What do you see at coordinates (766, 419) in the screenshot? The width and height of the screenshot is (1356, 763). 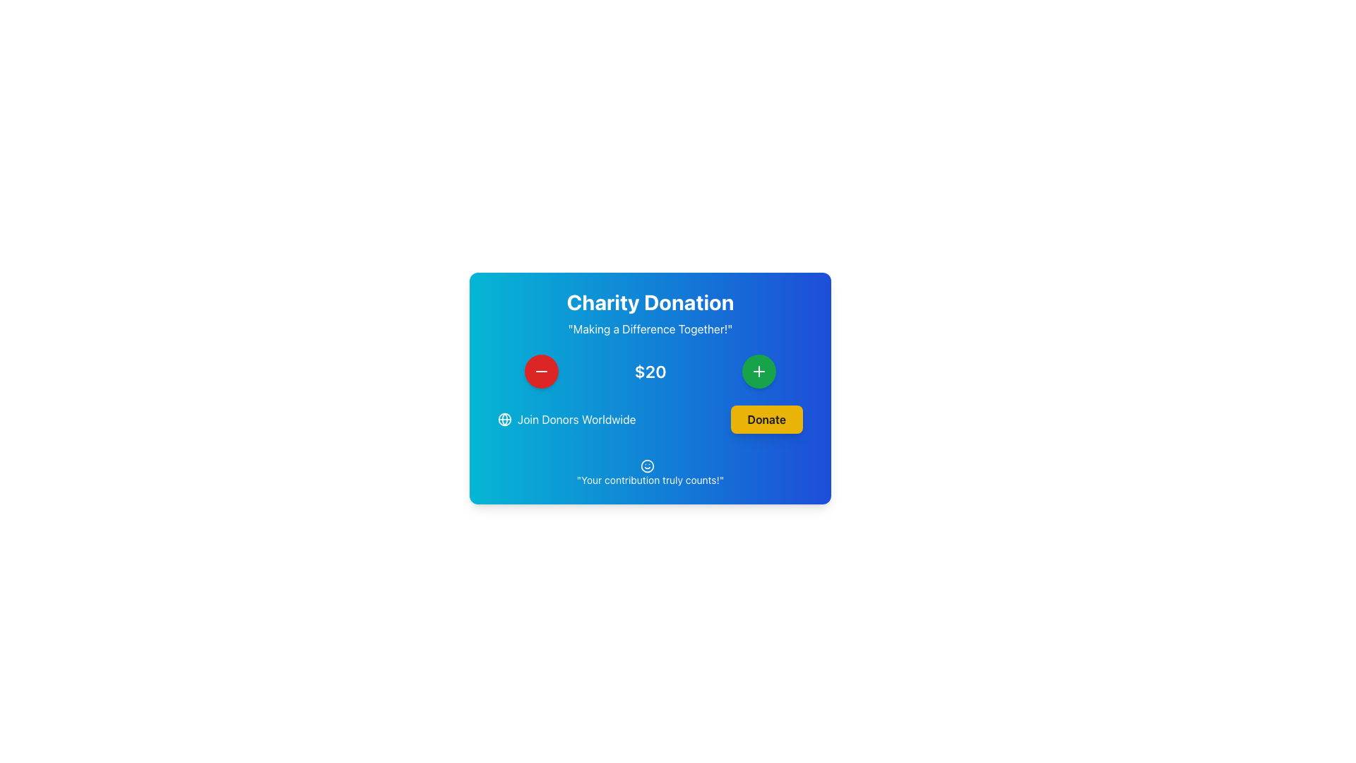 I see `the donation button located in the bottom-right section of the card, directly below the green '+' button, to observe the hover effect` at bounding box center [766, 419].